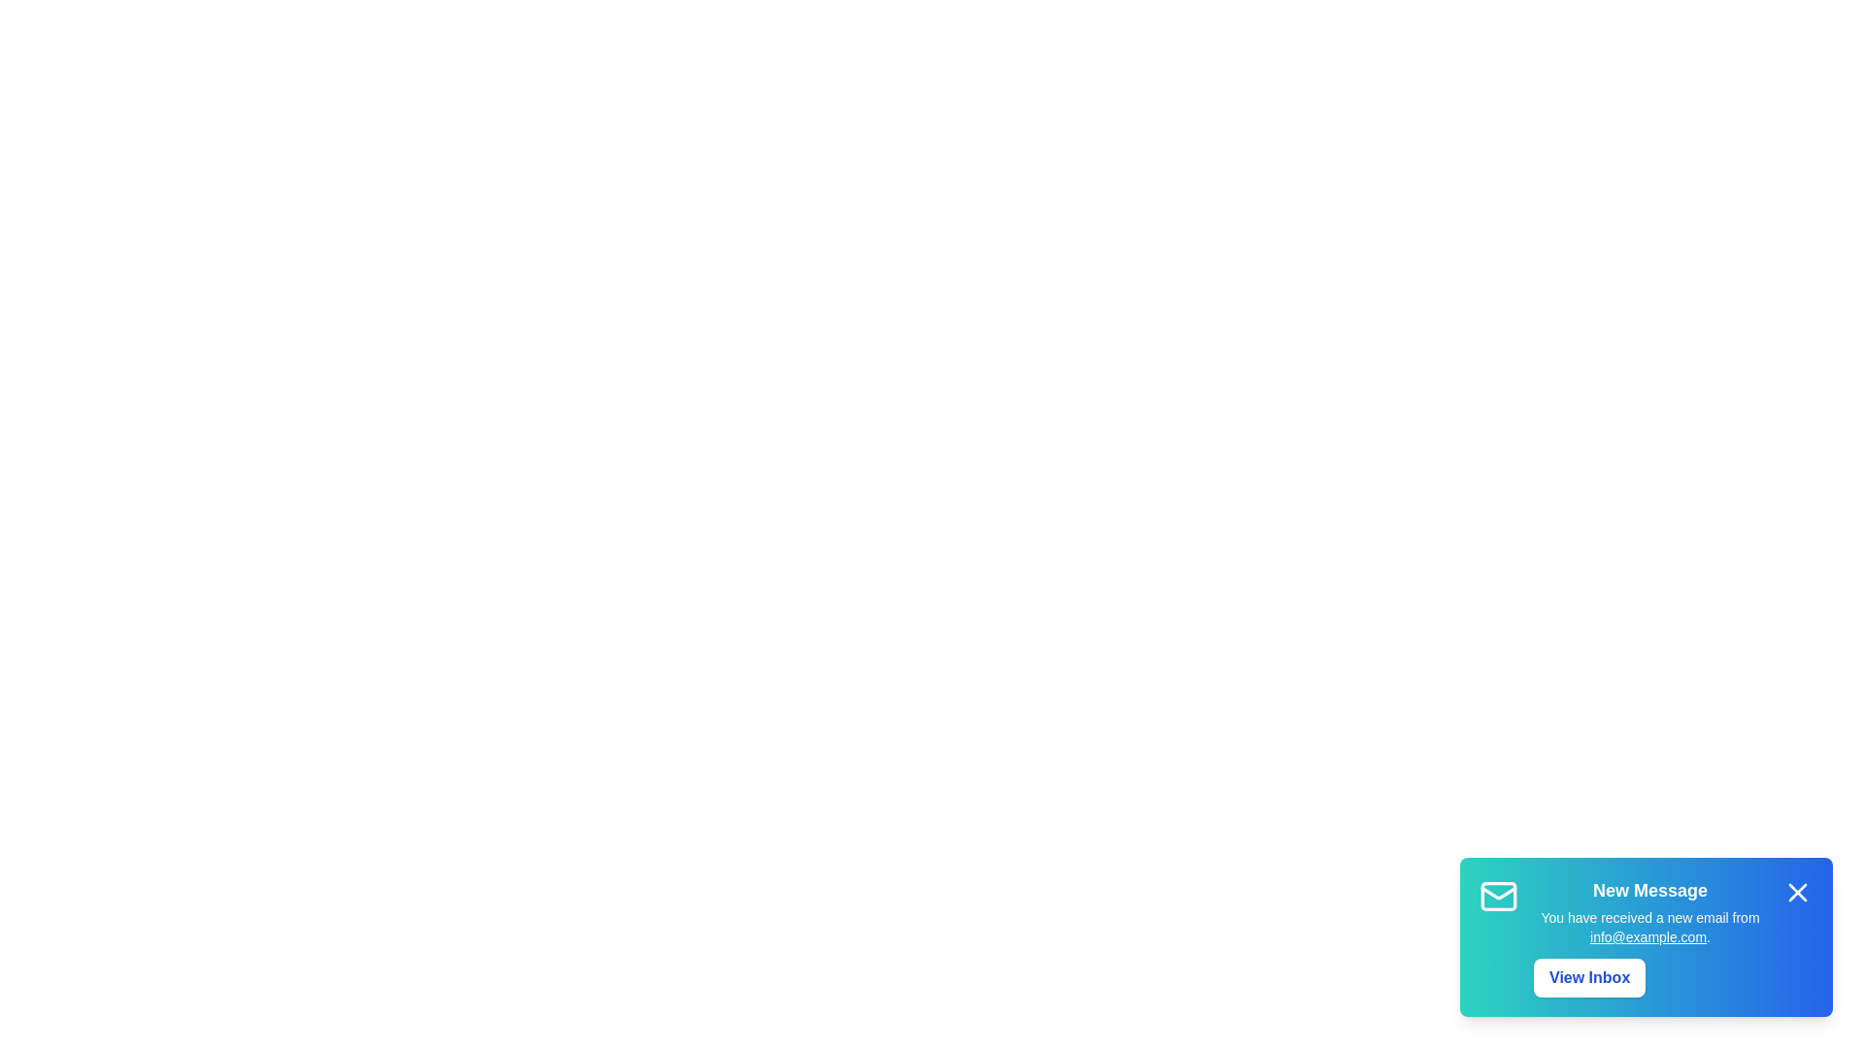 Image resolution: width=1864 pixels, height=1048 pixels. Describe the element at coordinates (1589, 977) in the screenshot. I see `the 'View Inbox' button to open the email inbox` at that location.